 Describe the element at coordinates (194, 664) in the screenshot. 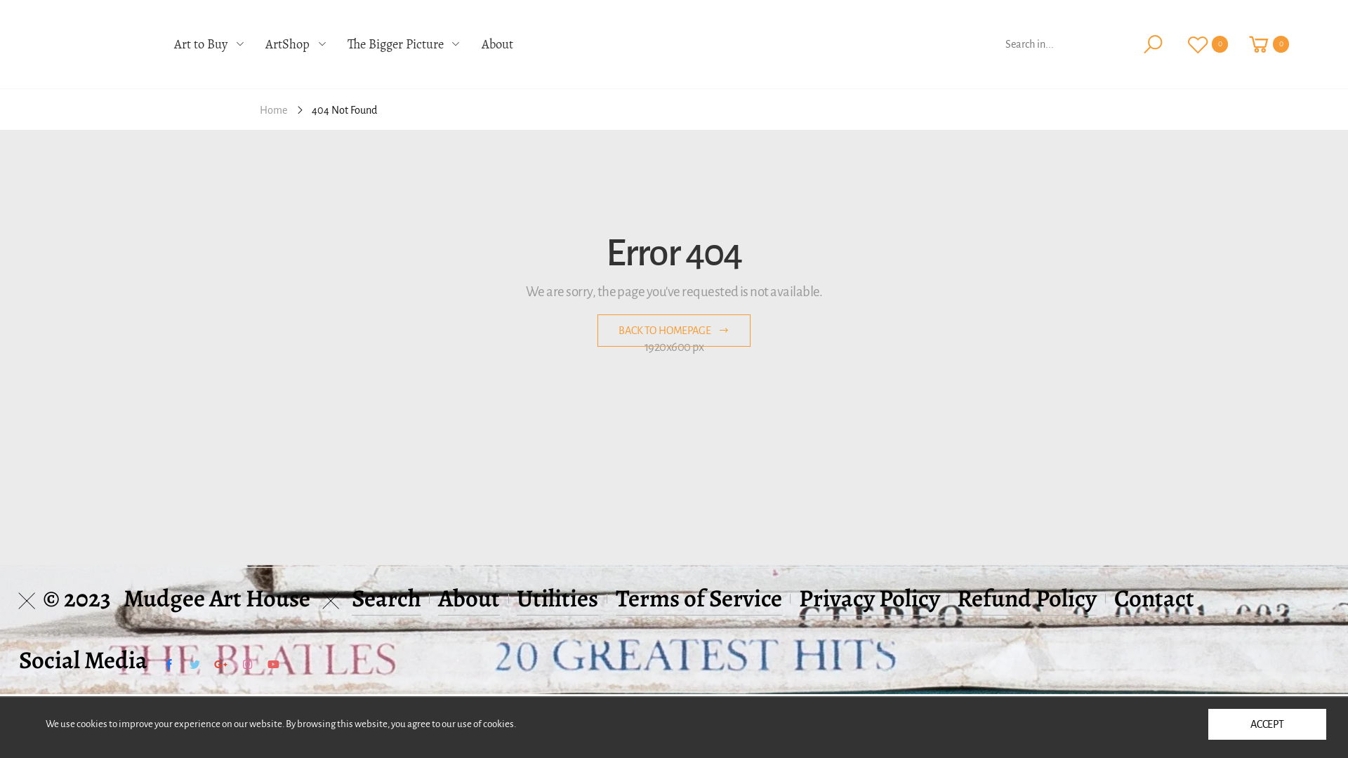

I see `'Mudgee Art House on Twitter'` at that location.